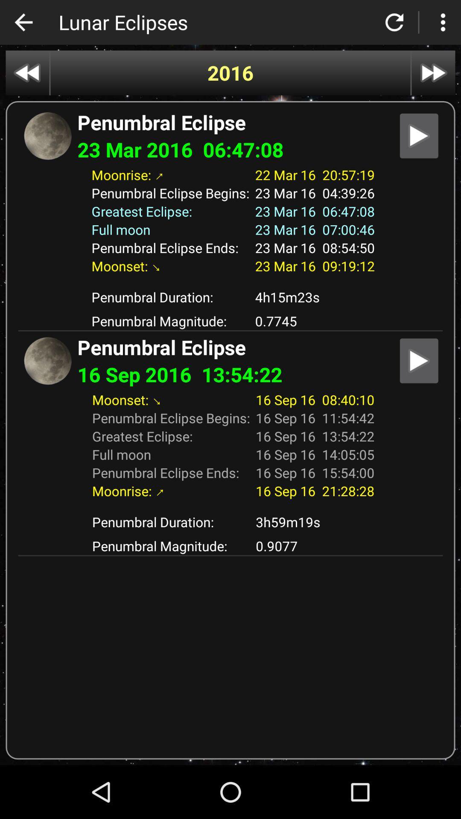 Image resolution: width=461 pixels, height=819 pixels. I want to click on check next year, so click(433, 73).